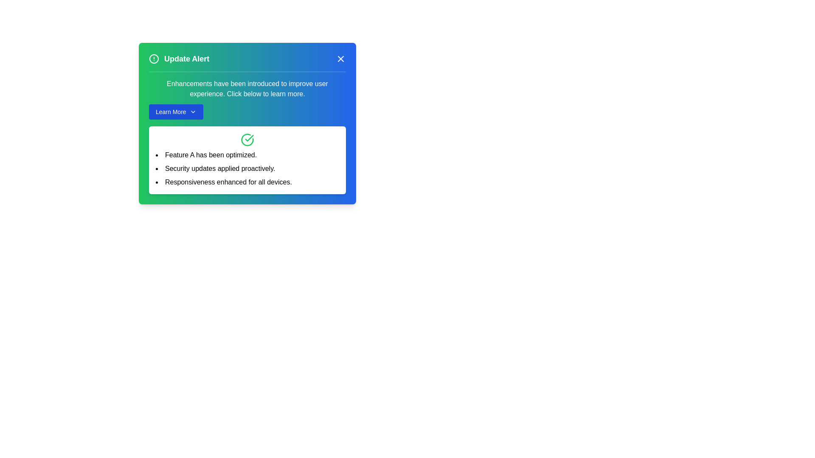  I want to click on the 'Learn More' button to toggle the visibility of the details section, so click(175, 111).